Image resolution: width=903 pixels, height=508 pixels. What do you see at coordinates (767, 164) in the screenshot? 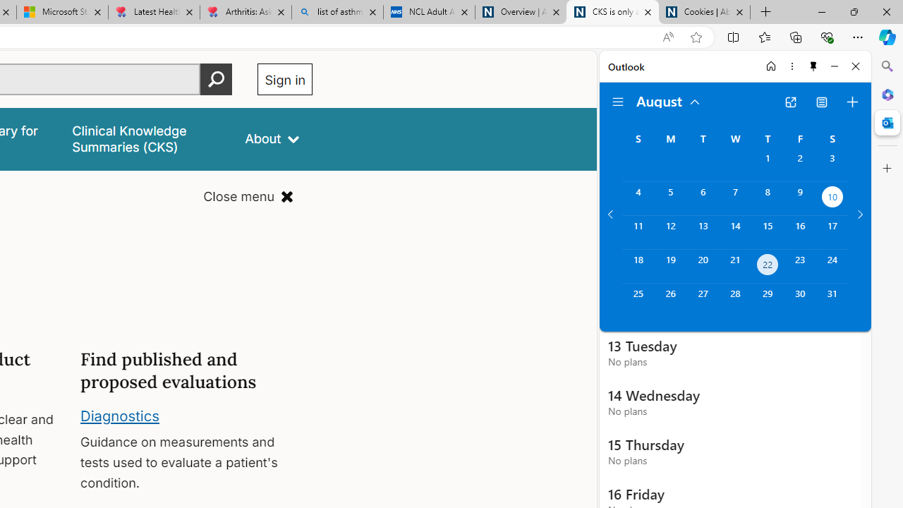
I see `'Thursday, August 1, 2024. '` at bounding box center [767, 164].